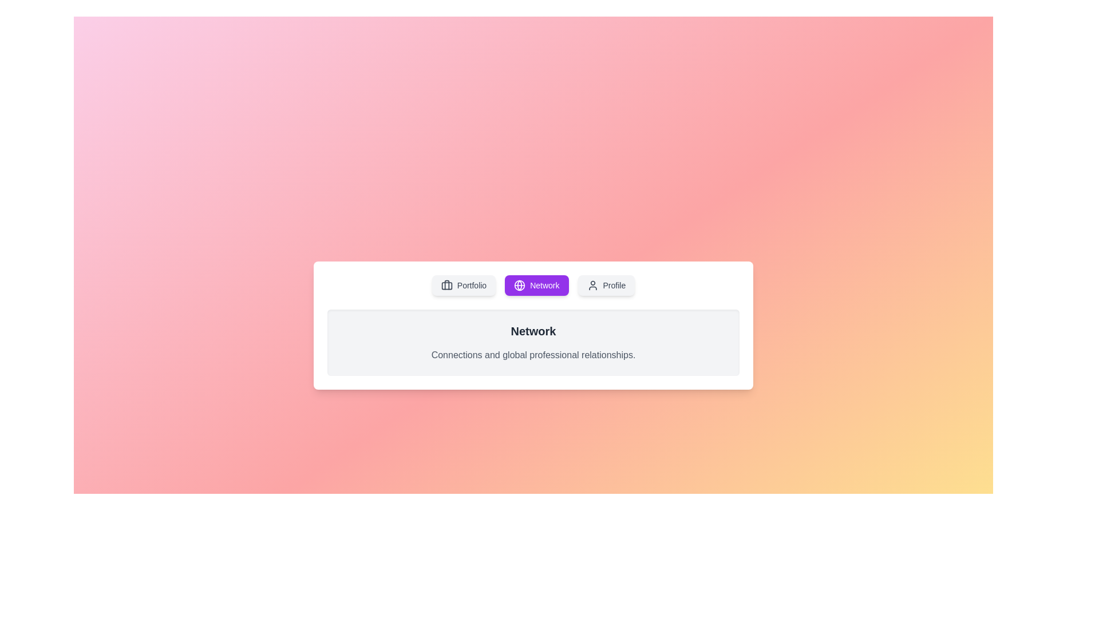 The image size is (1099, 618). I want to click on the Portfolio tab to switch the content, so click(464, 284).